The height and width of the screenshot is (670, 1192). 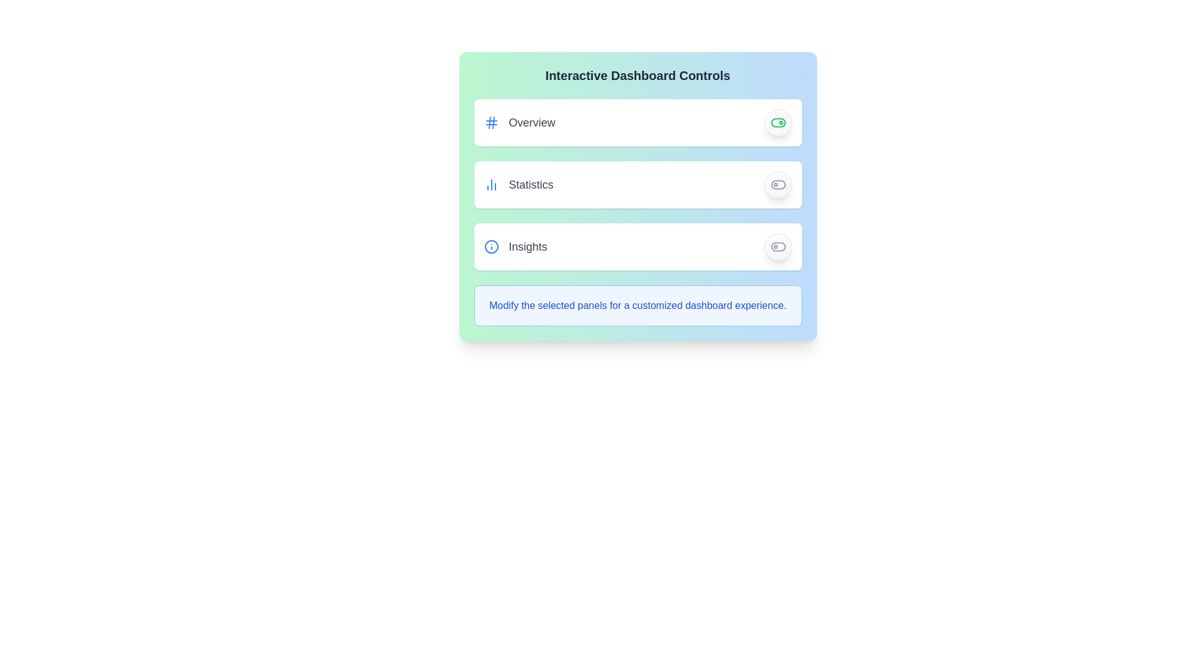 I want to click on the right vertical decorative line that forms part of the hashtag symbol in the 'Overview' section of the 'Interactive Dashboard Controls' component, so click(x=492, y=122).